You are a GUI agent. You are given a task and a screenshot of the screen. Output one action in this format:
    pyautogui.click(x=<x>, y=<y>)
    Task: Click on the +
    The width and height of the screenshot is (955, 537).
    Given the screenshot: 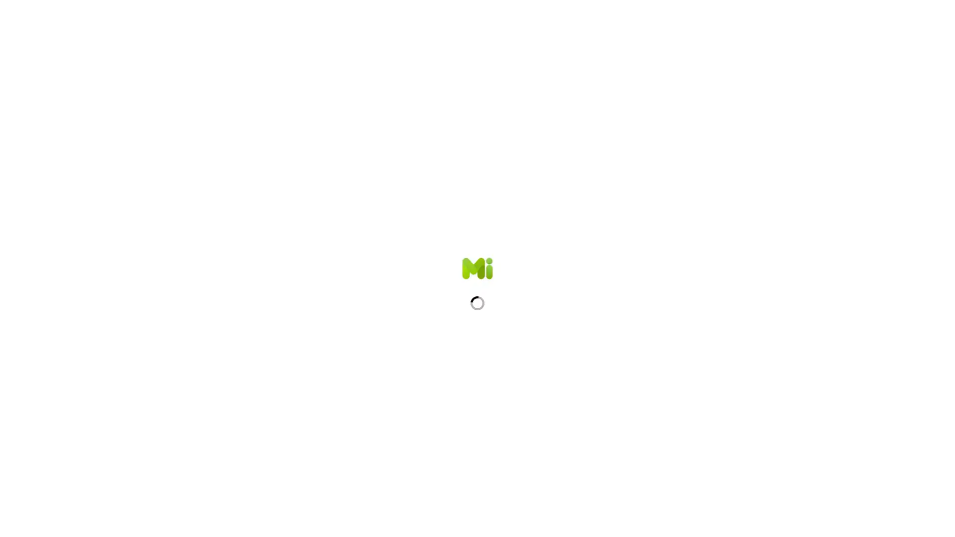 What is the action you would take?
    pyautogui.click(x=370, y=185)
    